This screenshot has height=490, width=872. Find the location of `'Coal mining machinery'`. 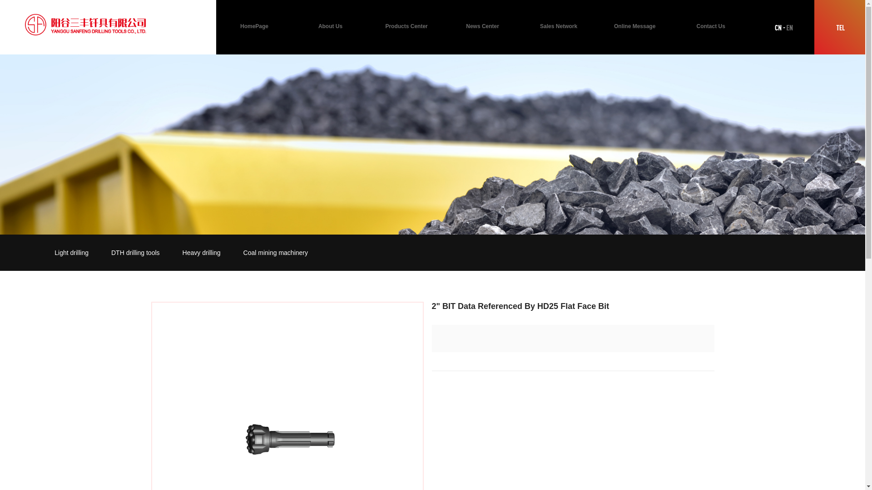

'Coal mining machinery' is located at coordinates (275, 252).